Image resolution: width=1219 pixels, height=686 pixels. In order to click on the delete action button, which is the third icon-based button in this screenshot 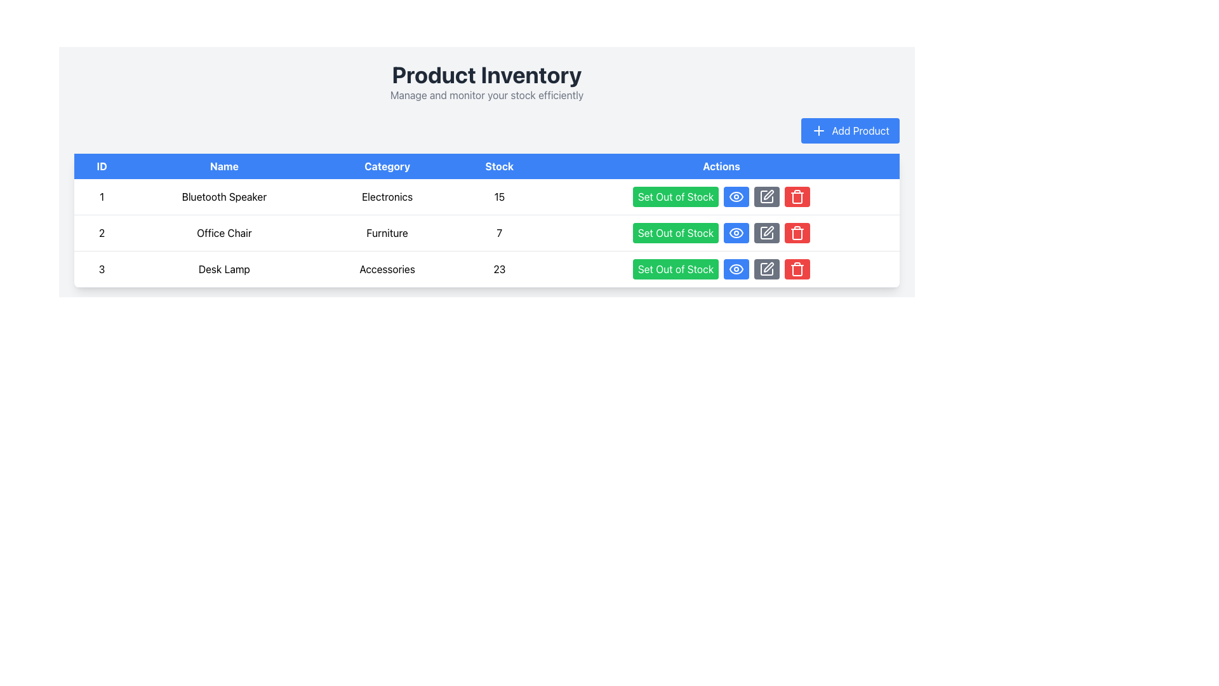, I will do `click(797, 196)`.